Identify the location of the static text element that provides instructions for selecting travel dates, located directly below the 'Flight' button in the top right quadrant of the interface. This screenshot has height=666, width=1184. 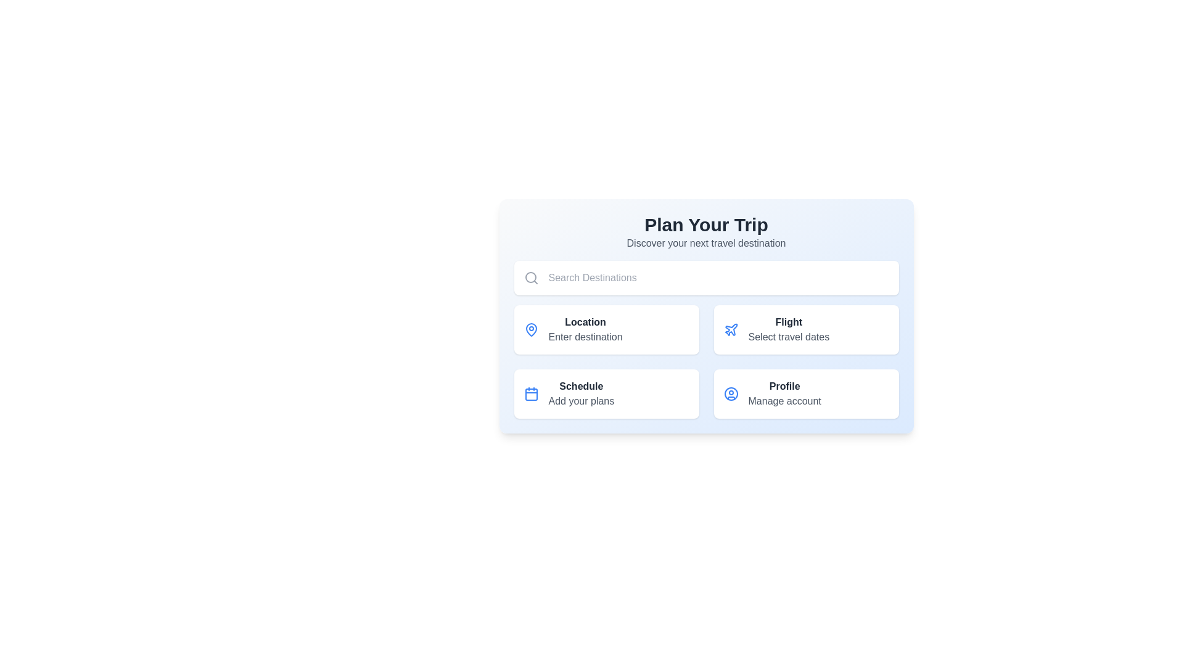
(788, 337).